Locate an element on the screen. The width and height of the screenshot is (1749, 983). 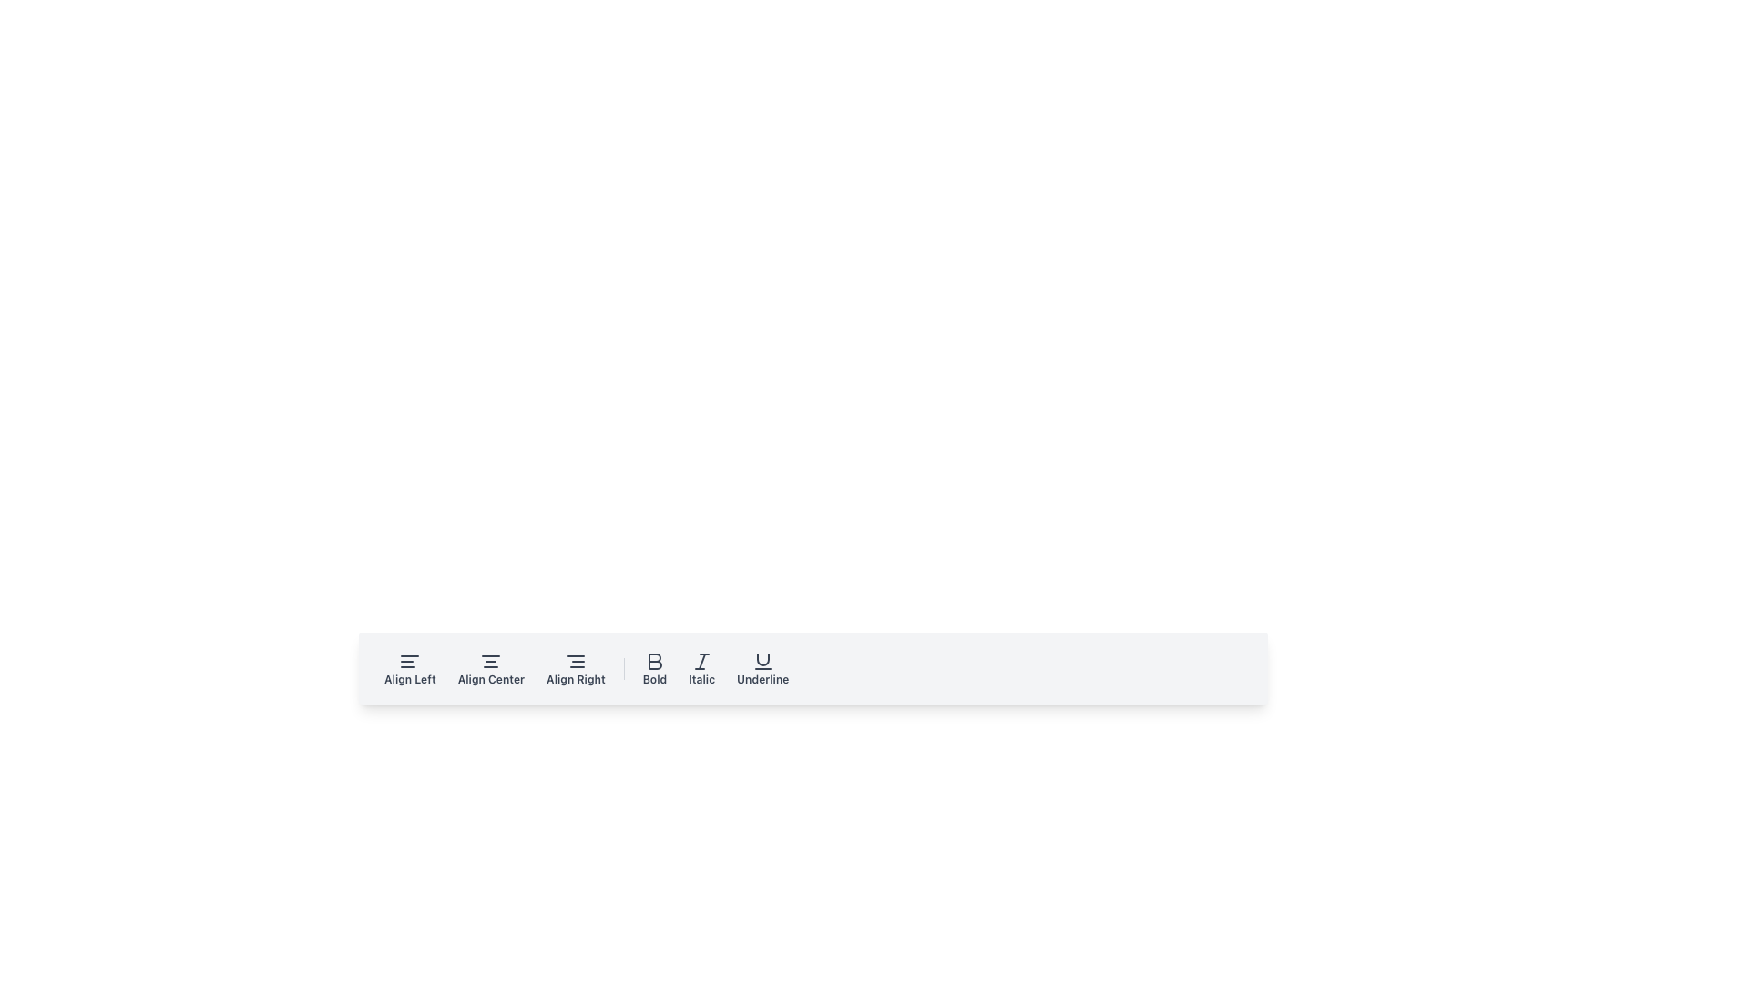
the 'Align Left' button located in the top-left corner of the toolbar to align content to the left is located at coordinates (409, 661).